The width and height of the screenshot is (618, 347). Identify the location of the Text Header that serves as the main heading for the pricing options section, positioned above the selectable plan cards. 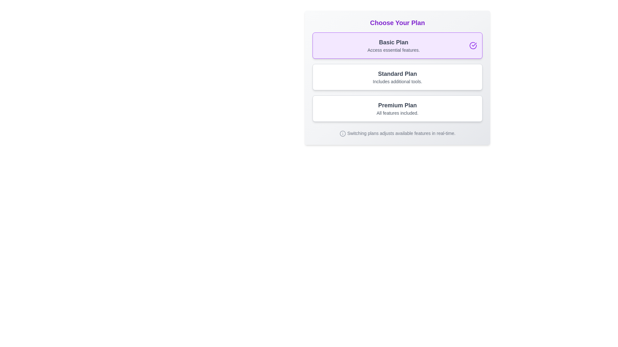
(397, 22).